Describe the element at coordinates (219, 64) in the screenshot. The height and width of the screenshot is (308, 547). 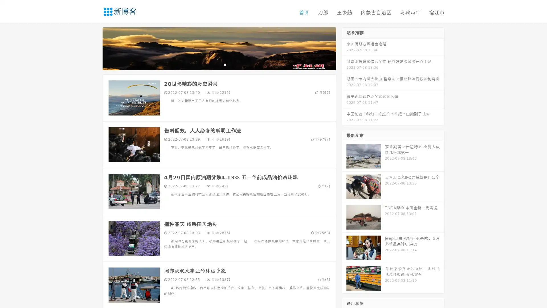
I see `Go to slide 2` at that location.